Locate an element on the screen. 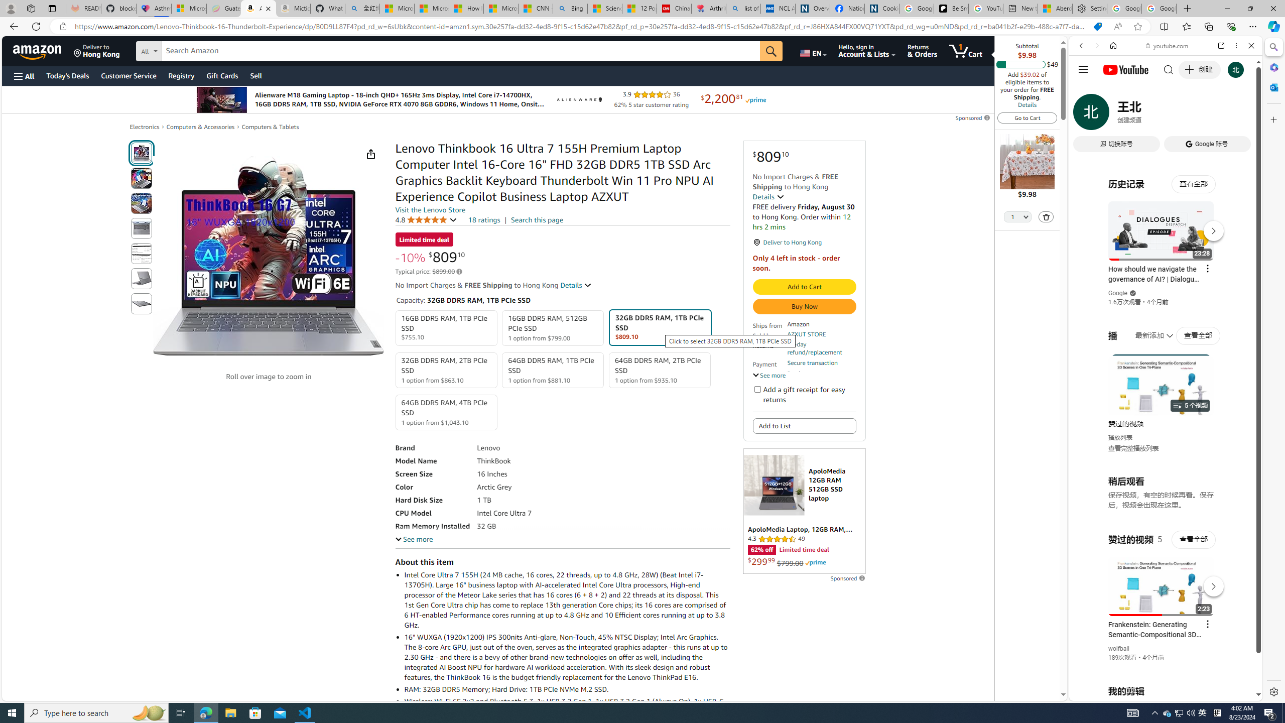  'Be Smart | creating Science videos | Patreon' is located at coordinates (950, 8).